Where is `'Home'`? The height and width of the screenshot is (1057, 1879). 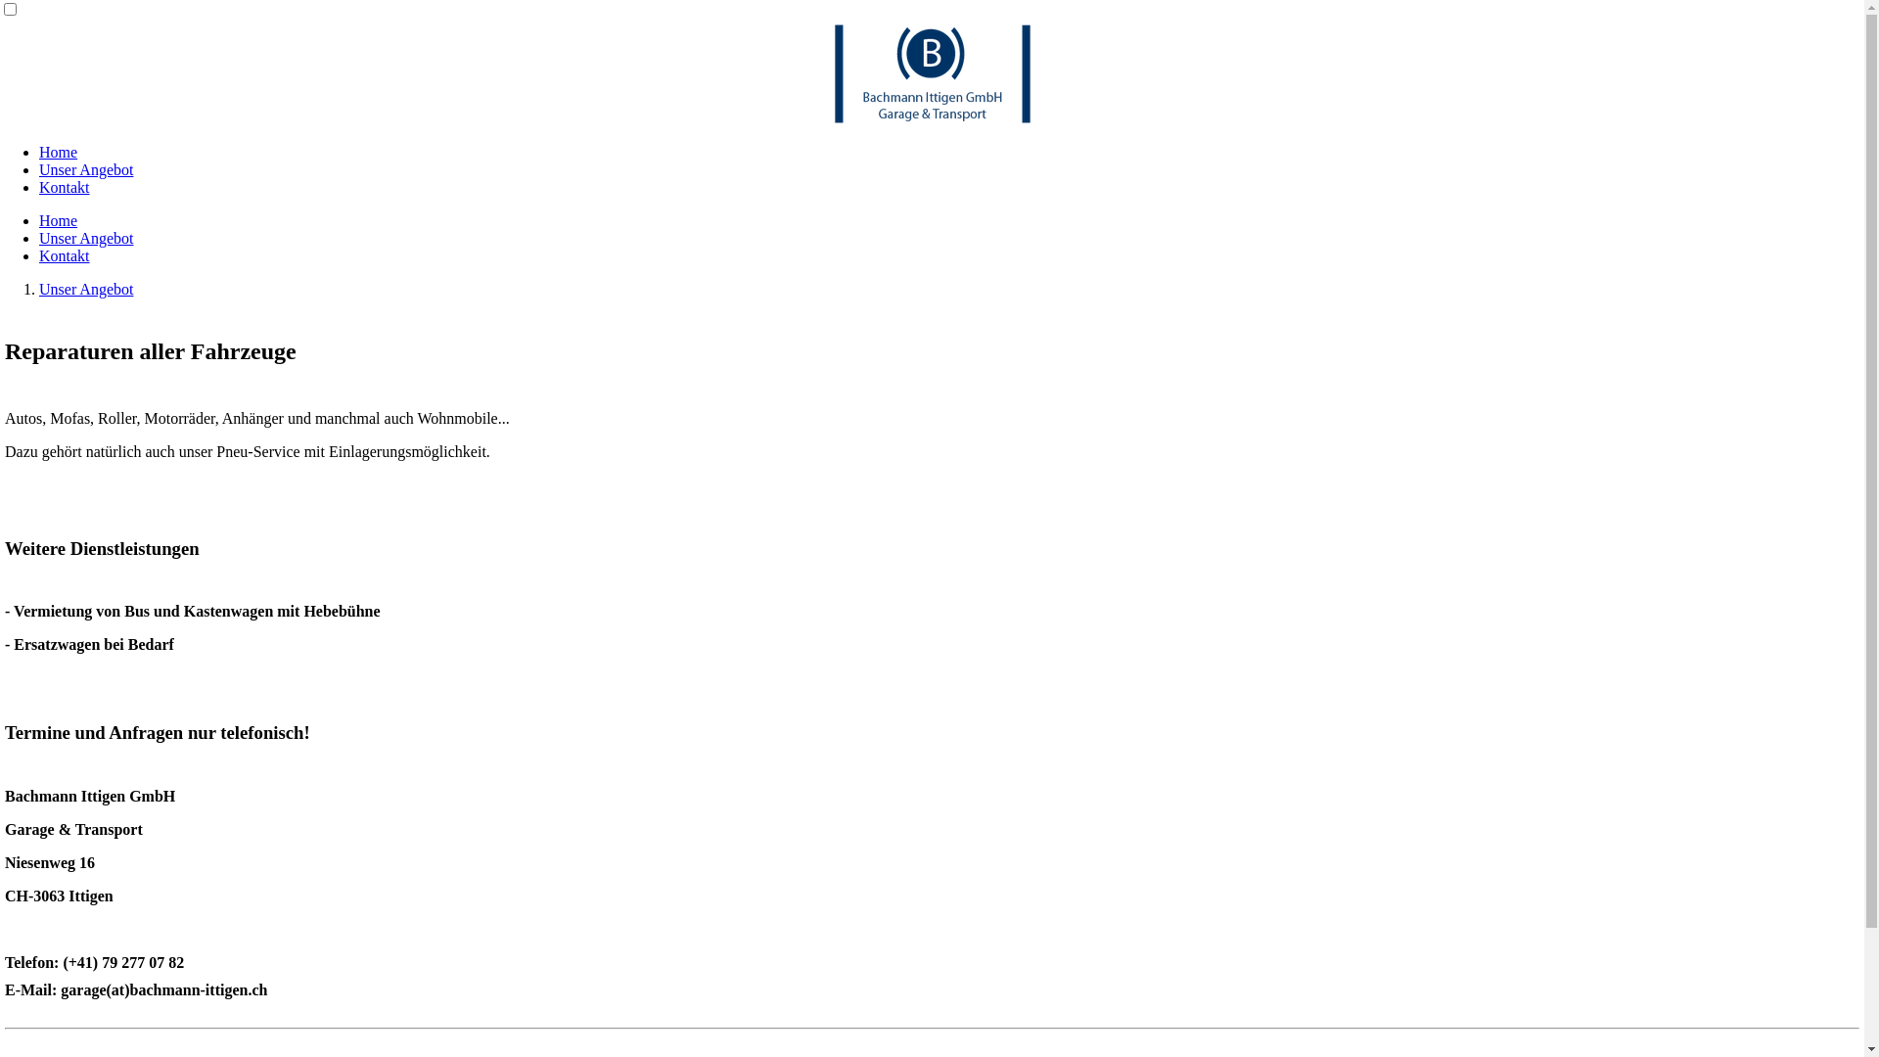
'Home' is located at coordinates (58, 220).